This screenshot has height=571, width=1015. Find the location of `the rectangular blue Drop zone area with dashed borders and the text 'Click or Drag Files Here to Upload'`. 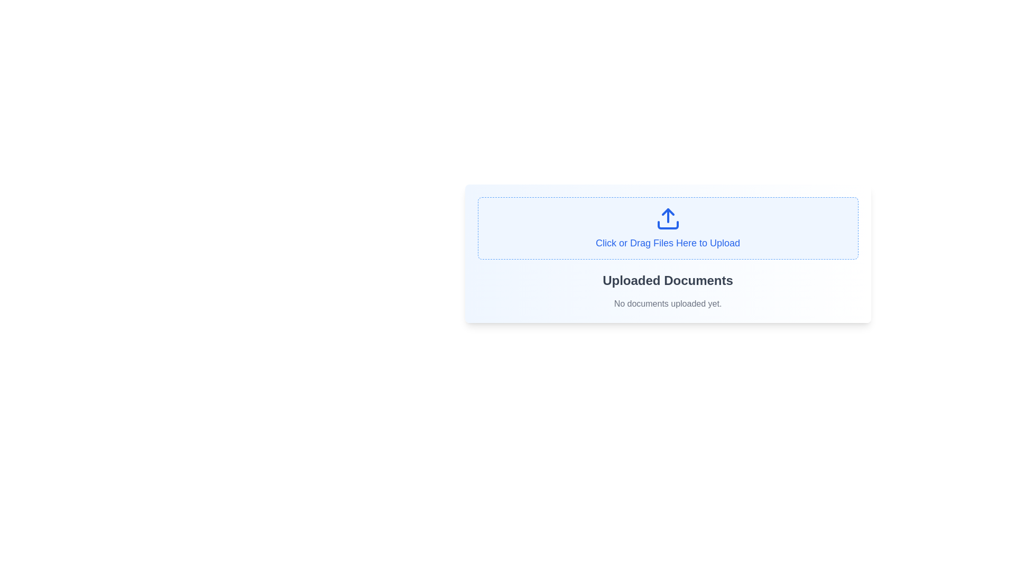

the rectangular blue Drop zone area with dashed borders and the text 'Click or Drag Files Here to Upload' is located at coordinates (667, 228).